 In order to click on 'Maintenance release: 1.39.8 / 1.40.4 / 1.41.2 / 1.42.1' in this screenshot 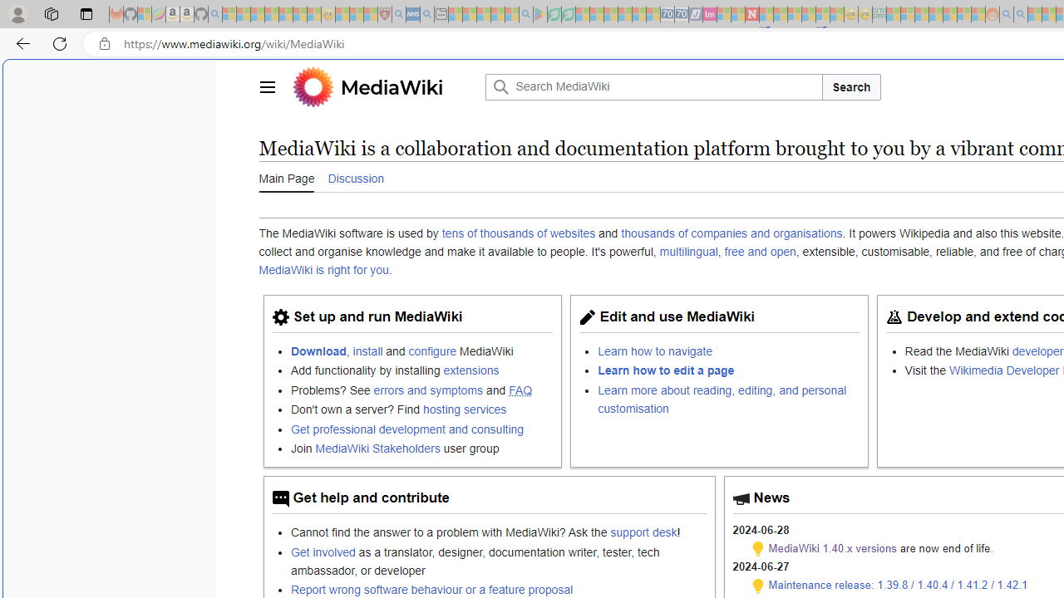, I will do `click(897, 584)`.